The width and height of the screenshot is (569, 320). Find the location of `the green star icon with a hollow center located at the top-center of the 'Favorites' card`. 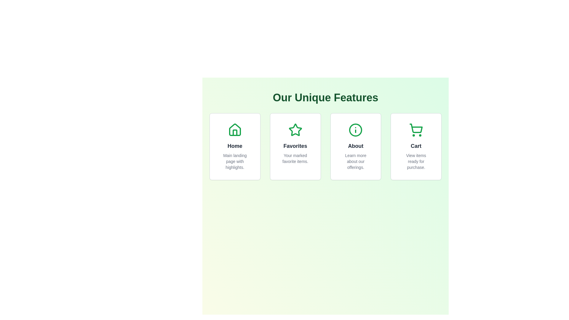

the green star icon with a hollow center located at the top-center of the 'Favorites' card is located at coordinates (295, 130).